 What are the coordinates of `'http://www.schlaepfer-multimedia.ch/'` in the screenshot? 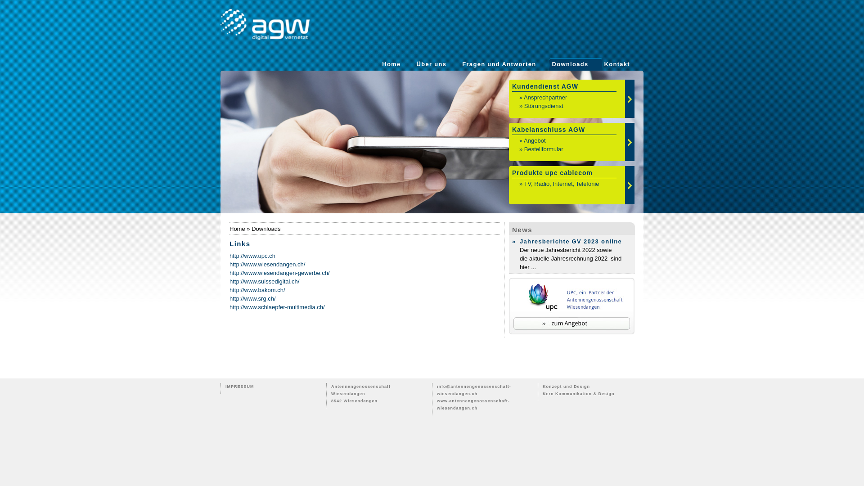 It's located at (276, 306).